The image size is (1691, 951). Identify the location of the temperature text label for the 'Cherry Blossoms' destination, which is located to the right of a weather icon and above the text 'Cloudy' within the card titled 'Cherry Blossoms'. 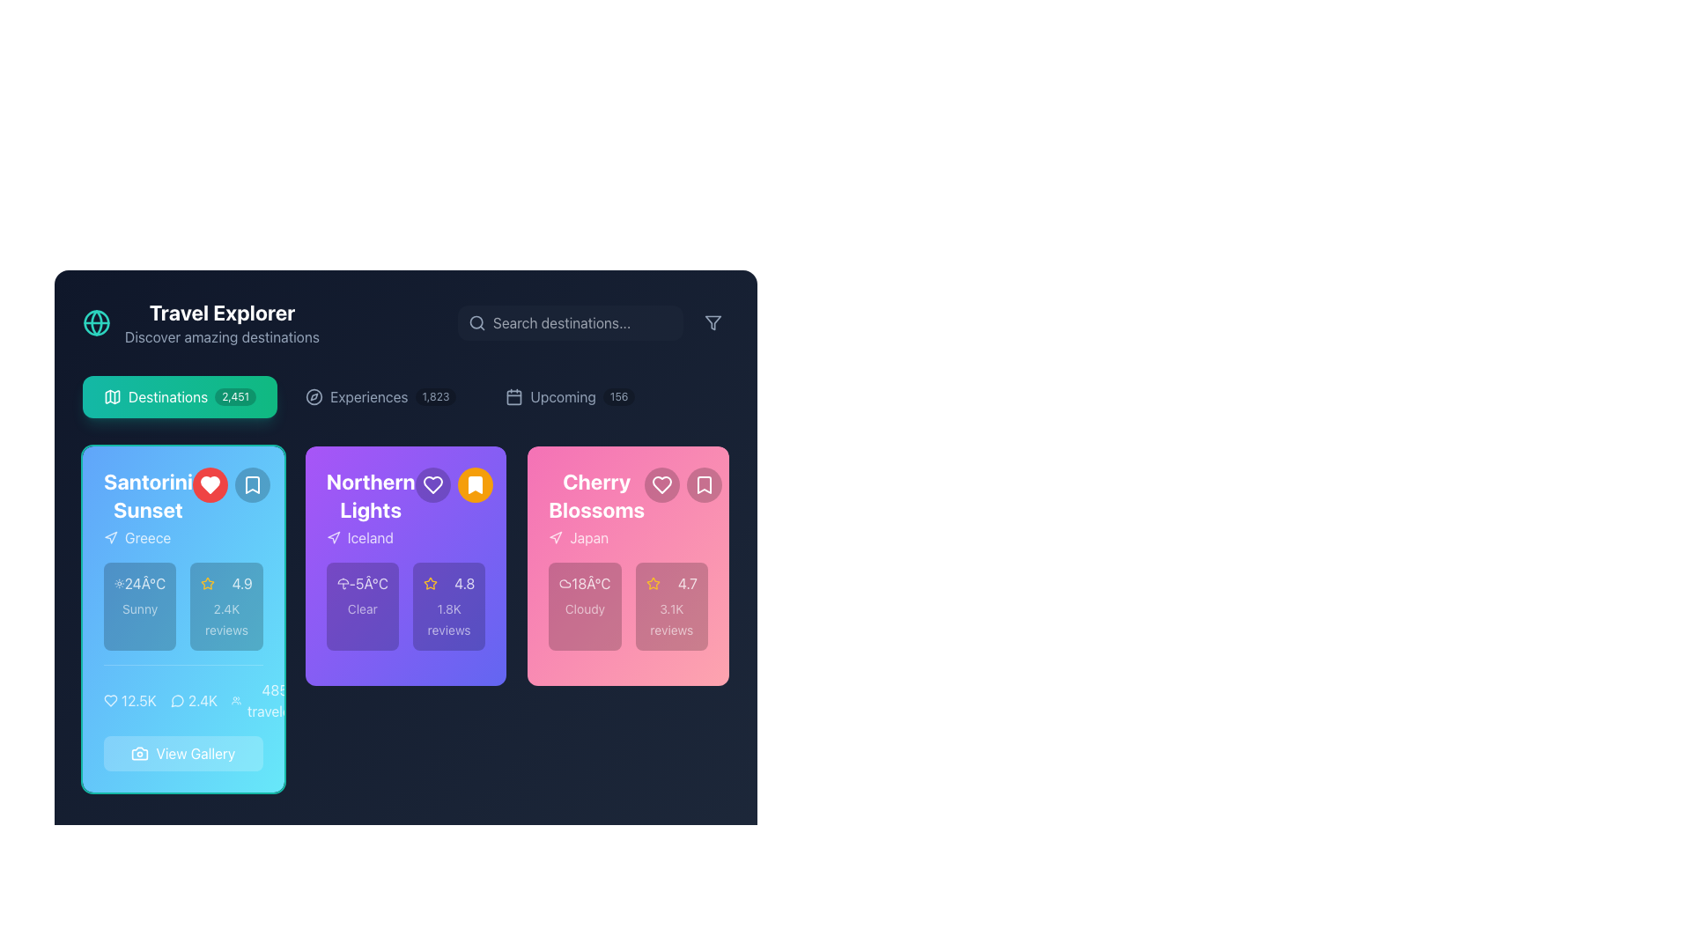
(591, 584).